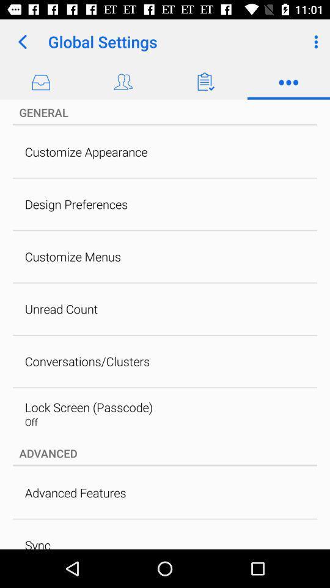 The height and width of the screenshot is (588, 330). I want to click on conversations/clusters app, so click(87, 361).